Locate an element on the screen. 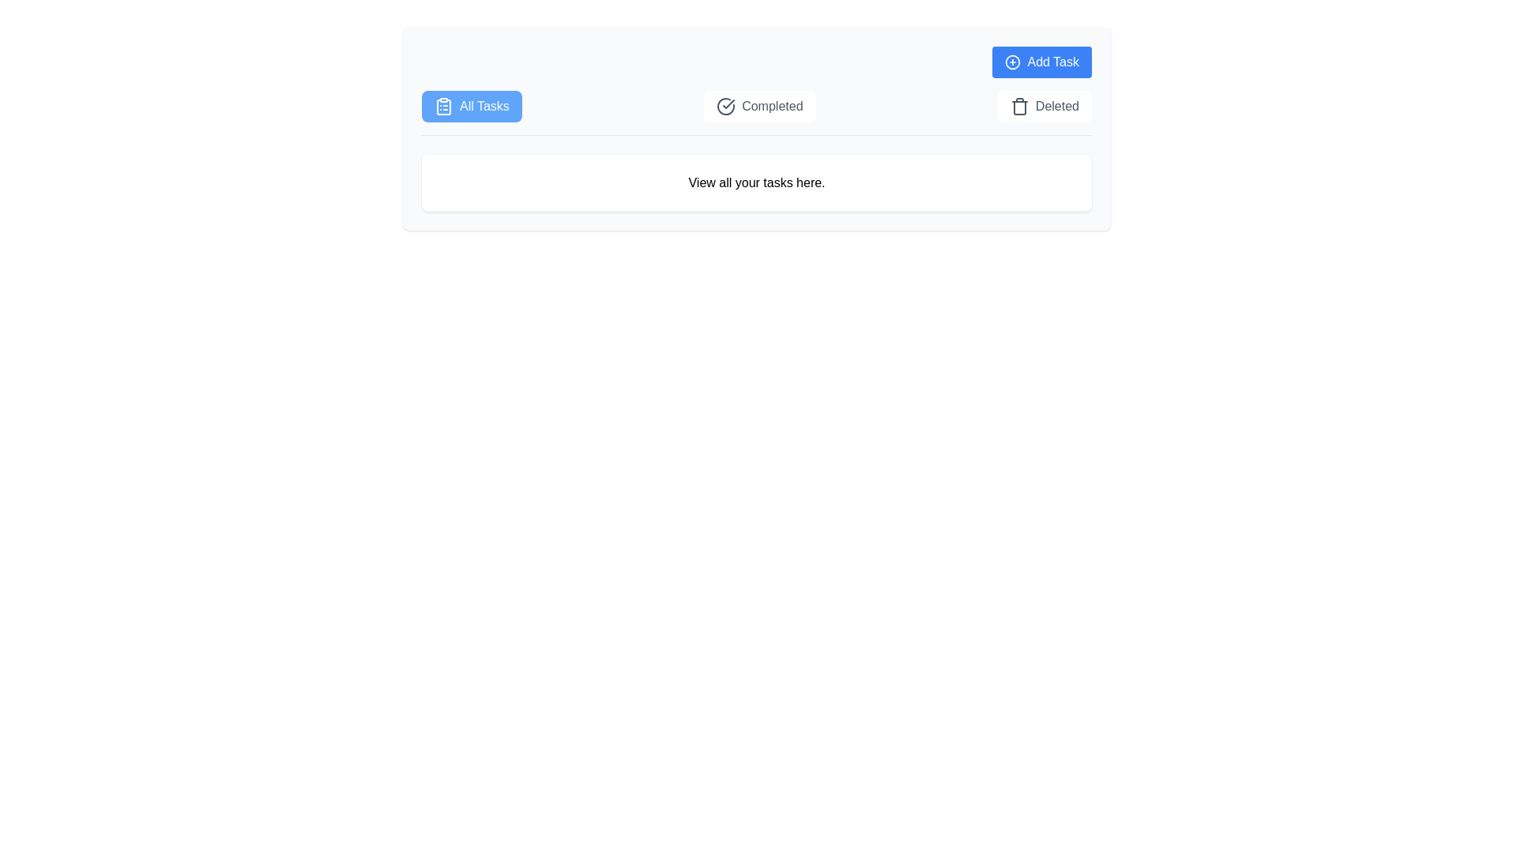 Image resolution: width=1517 pixels, height=853 pixels. the first button in the navigation bar that allows users is located at coordinates (471, 107).